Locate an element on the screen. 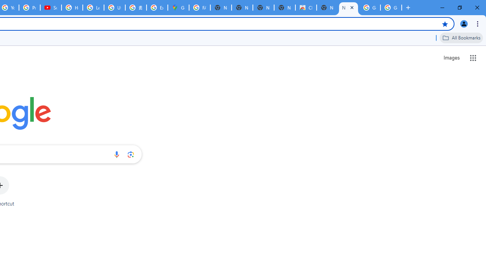 The height and width of the screenshot is (273, 486). 'New Tab' is located at coordinates (327, 8).